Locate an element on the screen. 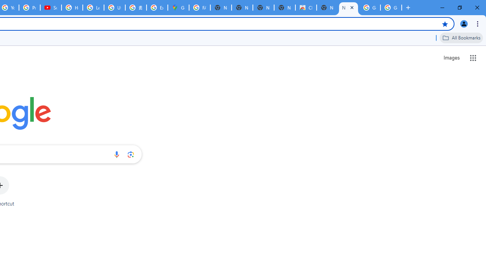 The height and width of the screenshot is (273, 486). 'New Tab' is located at coordinates (327, 8).